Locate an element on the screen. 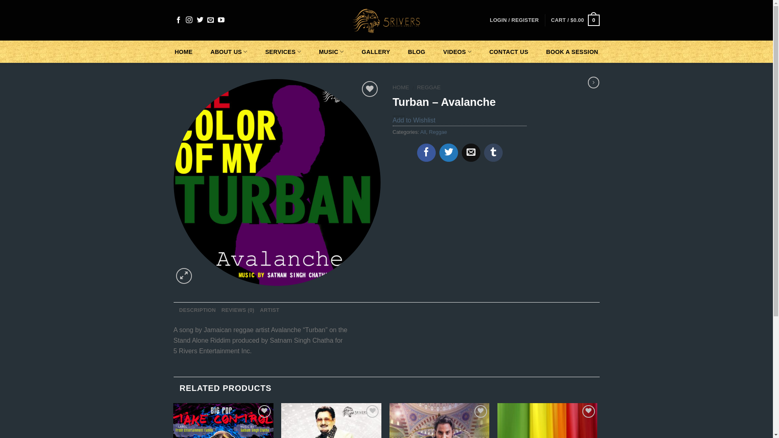  'HOME' is located at coordinates (401, 87).